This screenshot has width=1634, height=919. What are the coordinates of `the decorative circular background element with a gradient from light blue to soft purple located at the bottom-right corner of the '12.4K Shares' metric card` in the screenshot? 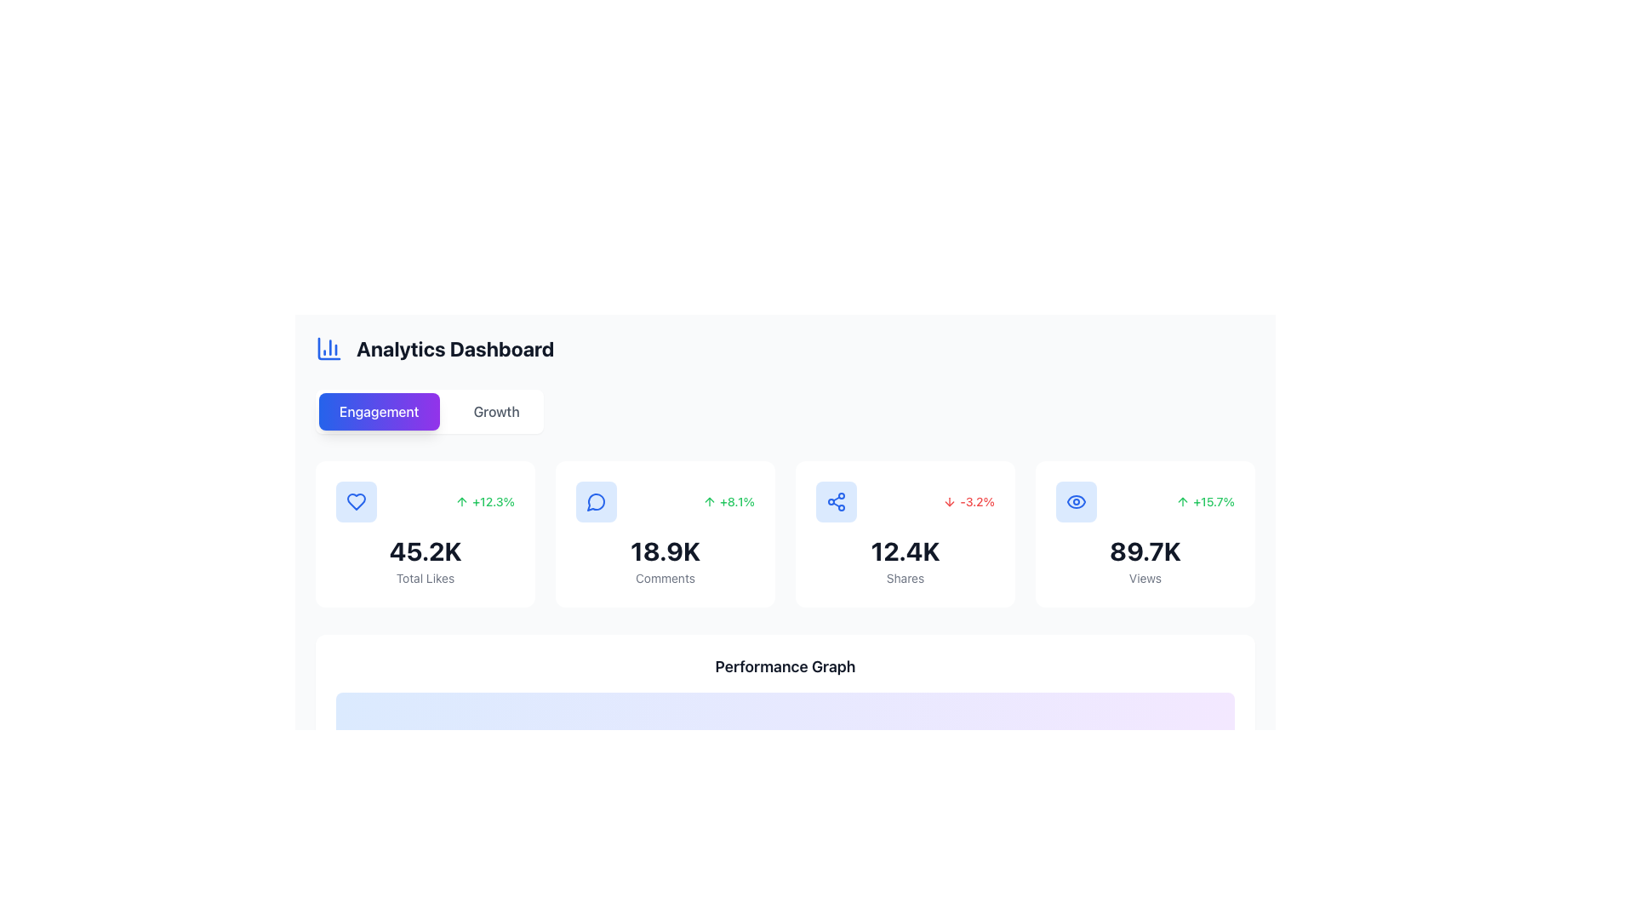 It's located at (988, 579).